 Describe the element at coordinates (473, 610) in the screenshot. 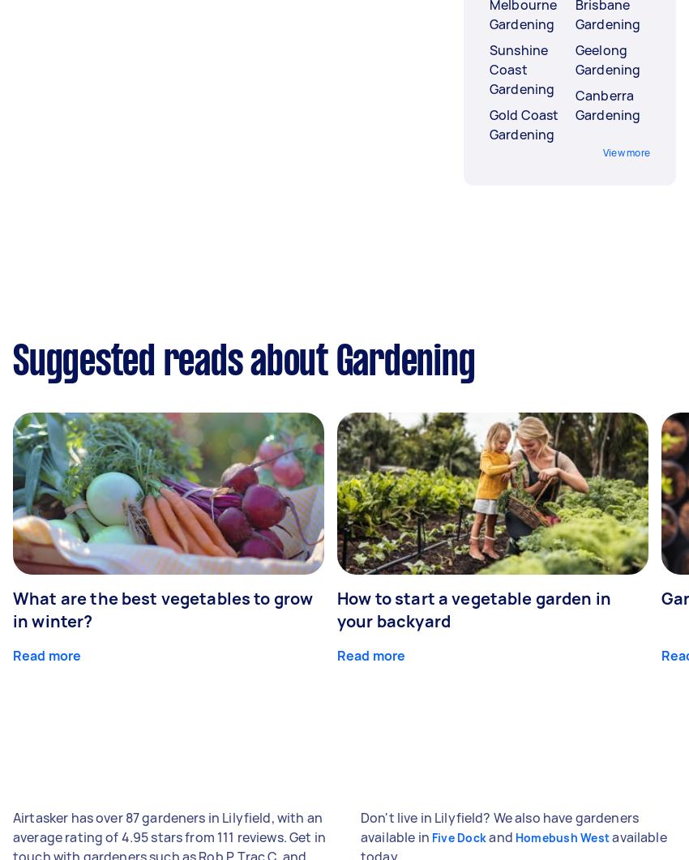

I see `'How to start a vegetable garden in your backyard'` at that location.